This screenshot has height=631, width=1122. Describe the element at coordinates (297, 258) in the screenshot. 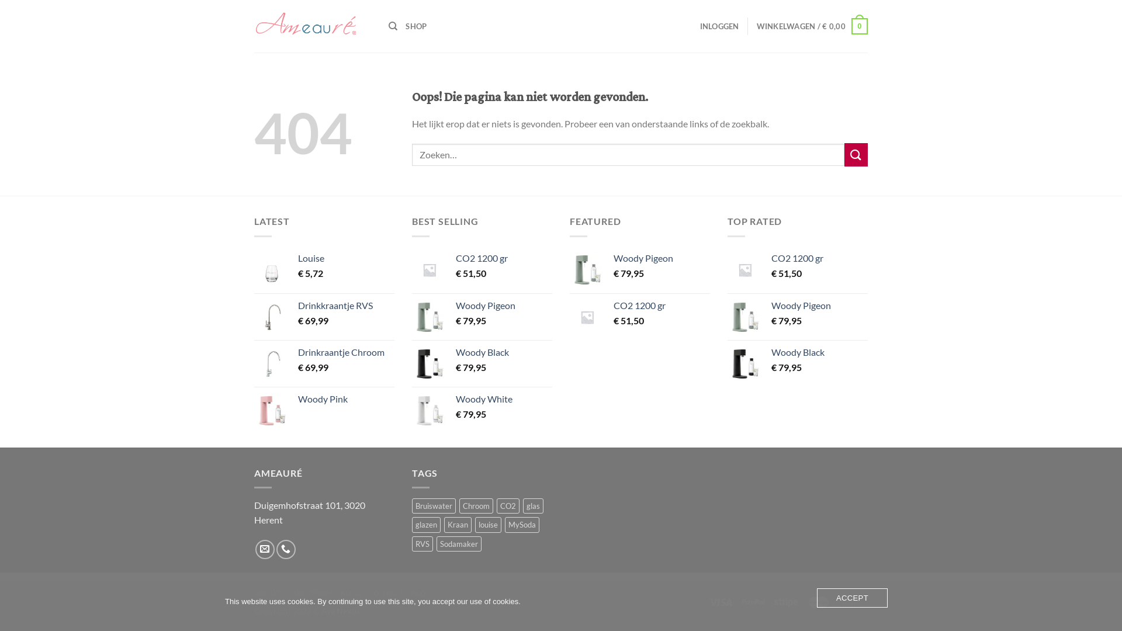

I see `'Louise'` at that location.